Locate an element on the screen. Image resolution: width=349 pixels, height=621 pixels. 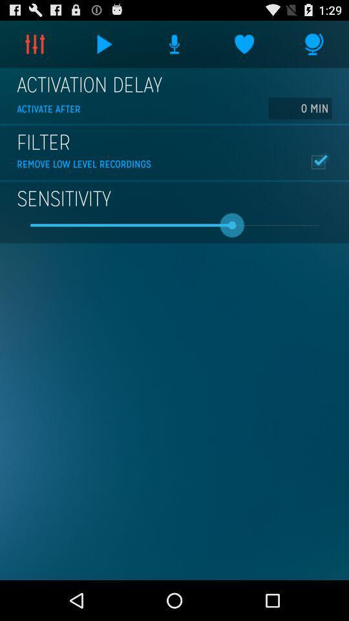
item below the 0 min icon is located at coordinates (317, 161).